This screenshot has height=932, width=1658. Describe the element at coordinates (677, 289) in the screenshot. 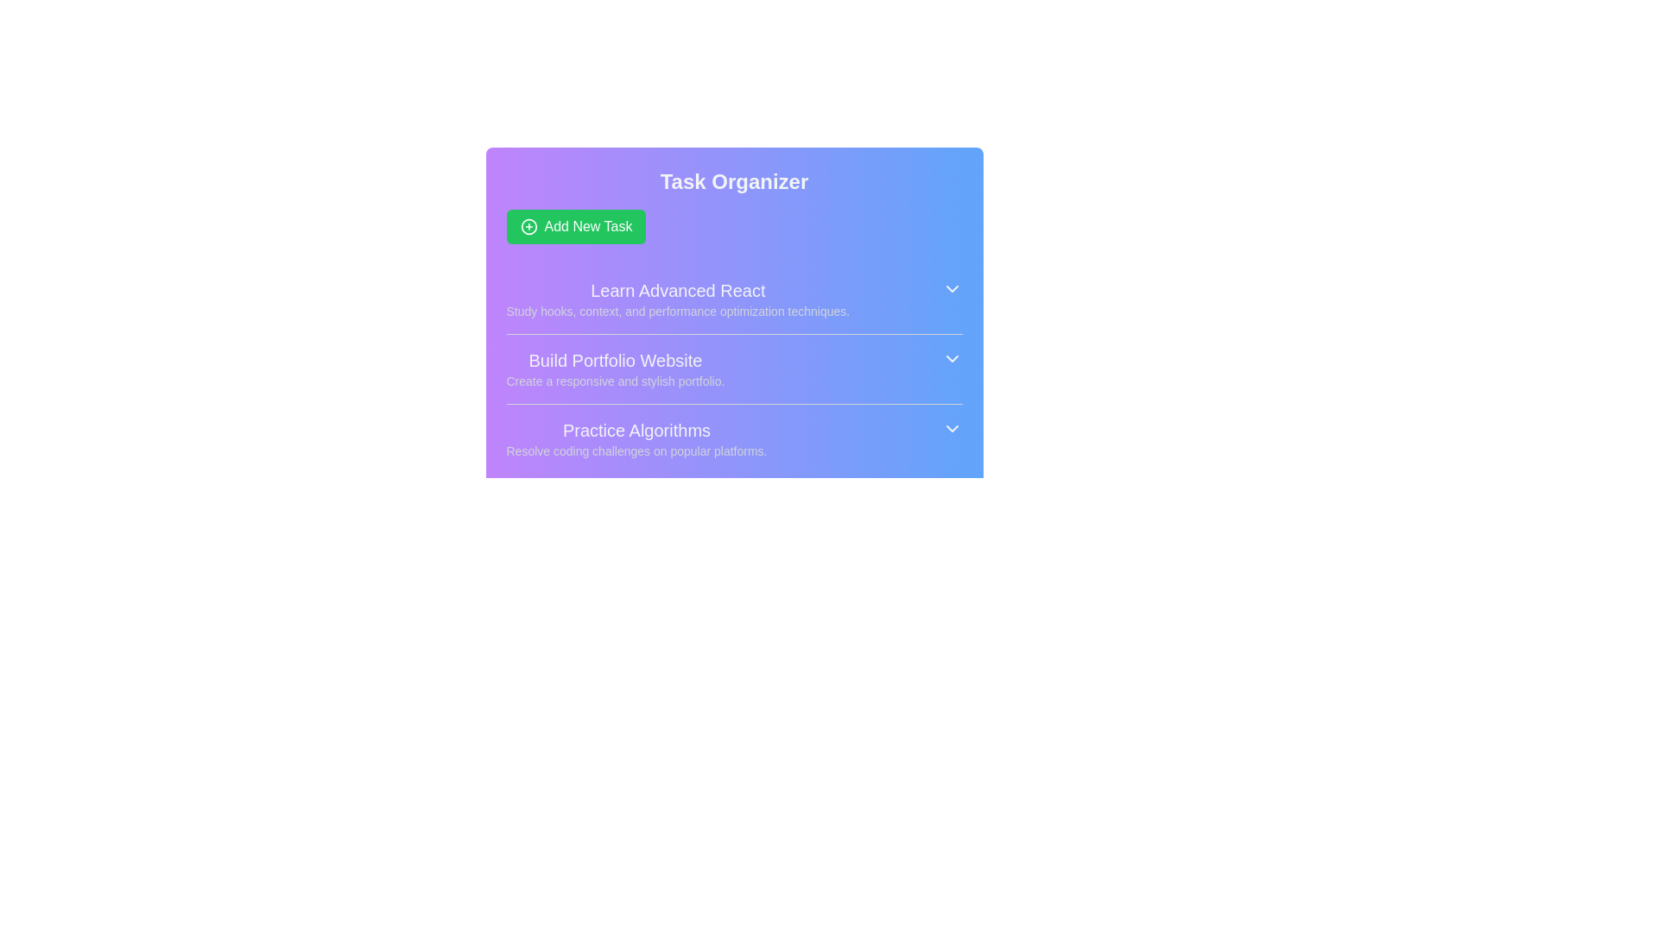

I see `the header text block for the first task in the 'Task Organizer' section, which summarizes the task's title` at that location.